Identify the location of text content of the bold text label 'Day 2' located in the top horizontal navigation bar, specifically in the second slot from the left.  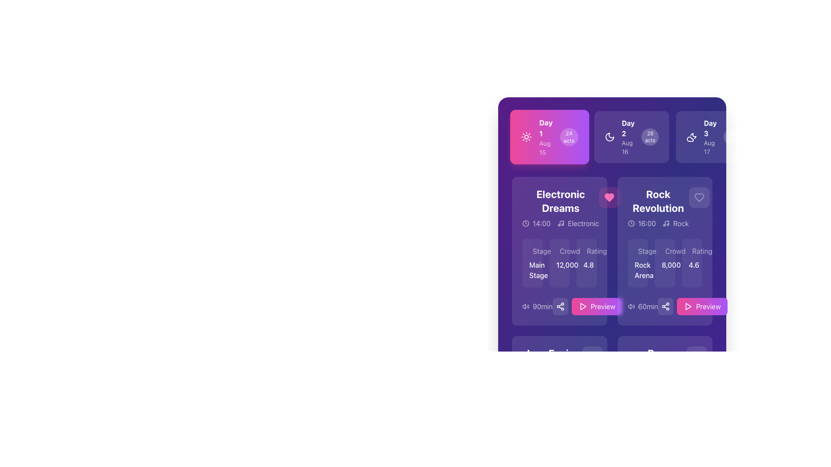
(628, 128).